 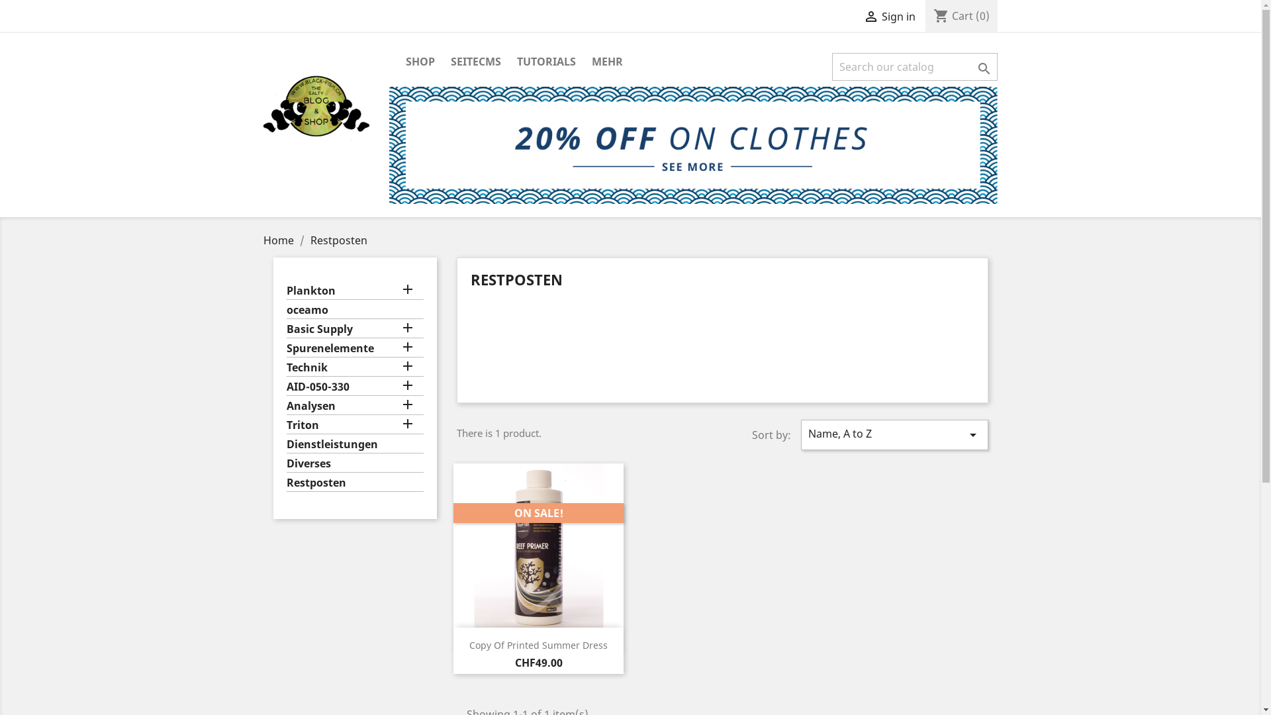 I want to click on 'Triton', so click(x=355, y=426).